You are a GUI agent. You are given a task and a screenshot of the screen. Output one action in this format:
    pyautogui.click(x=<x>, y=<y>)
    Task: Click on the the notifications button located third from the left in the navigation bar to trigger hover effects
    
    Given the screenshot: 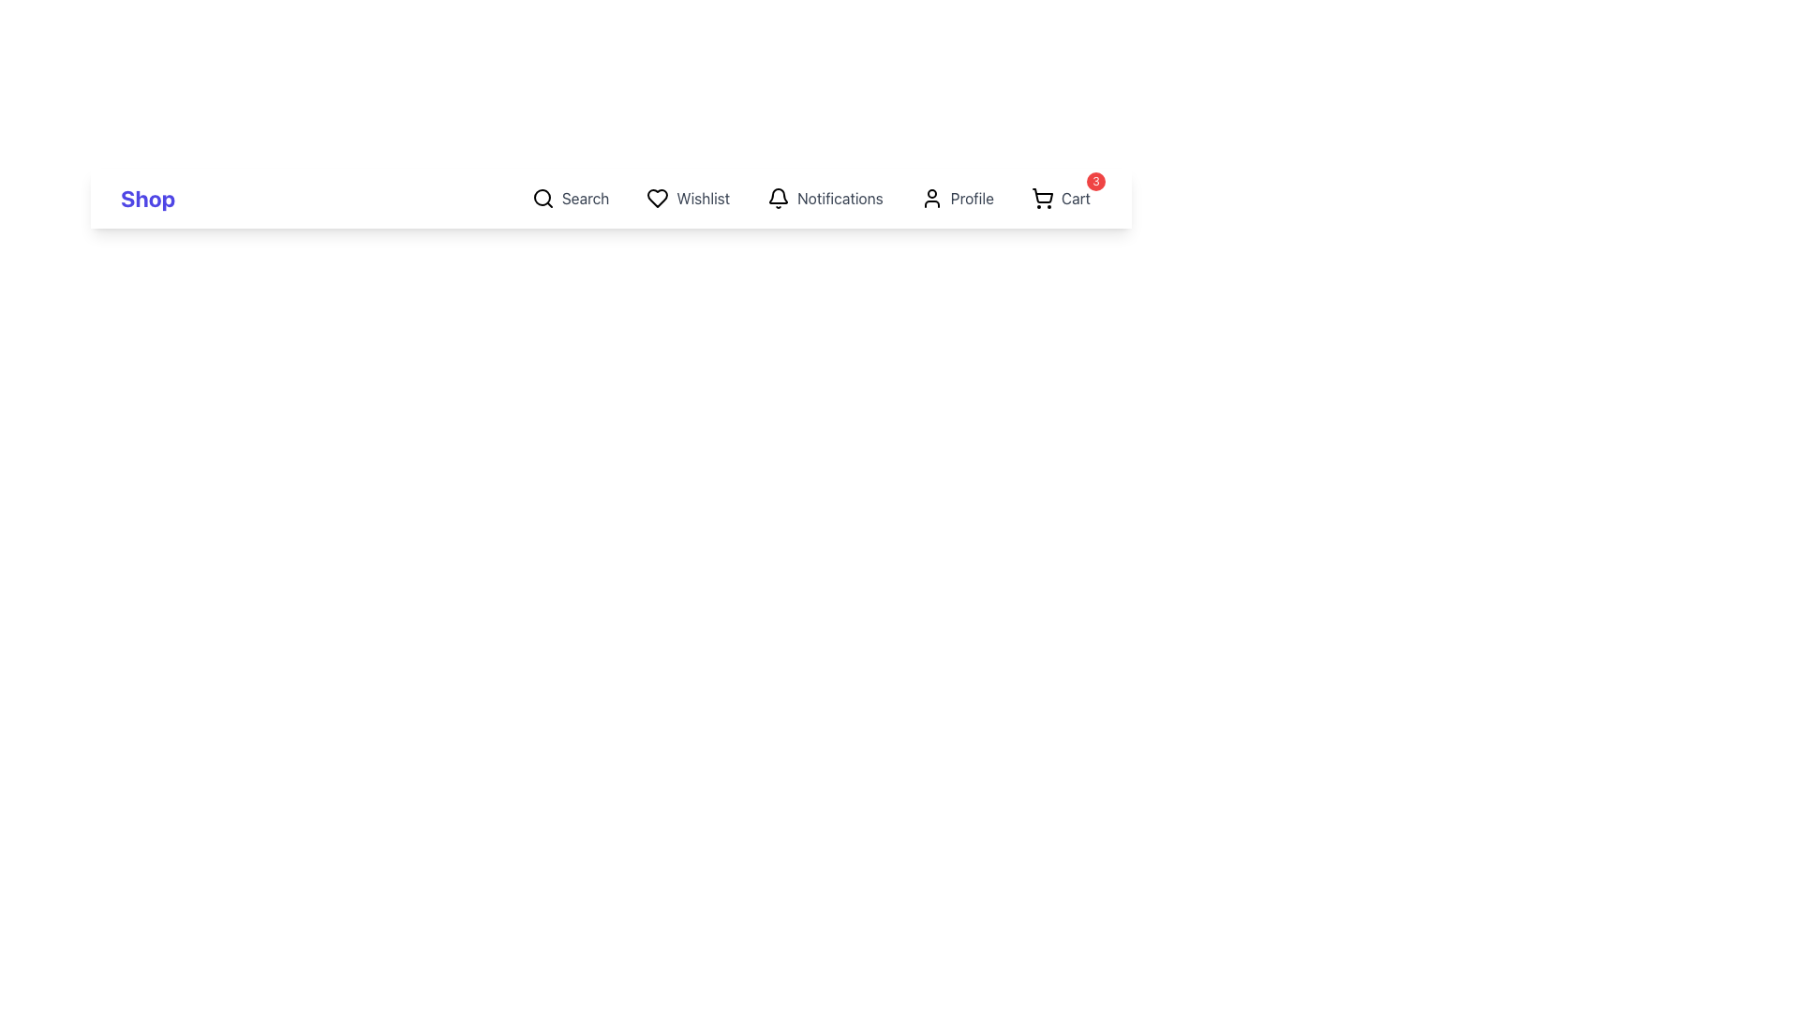 What is the action you would take?
    pyautogui.click(x=825, y=199)
    